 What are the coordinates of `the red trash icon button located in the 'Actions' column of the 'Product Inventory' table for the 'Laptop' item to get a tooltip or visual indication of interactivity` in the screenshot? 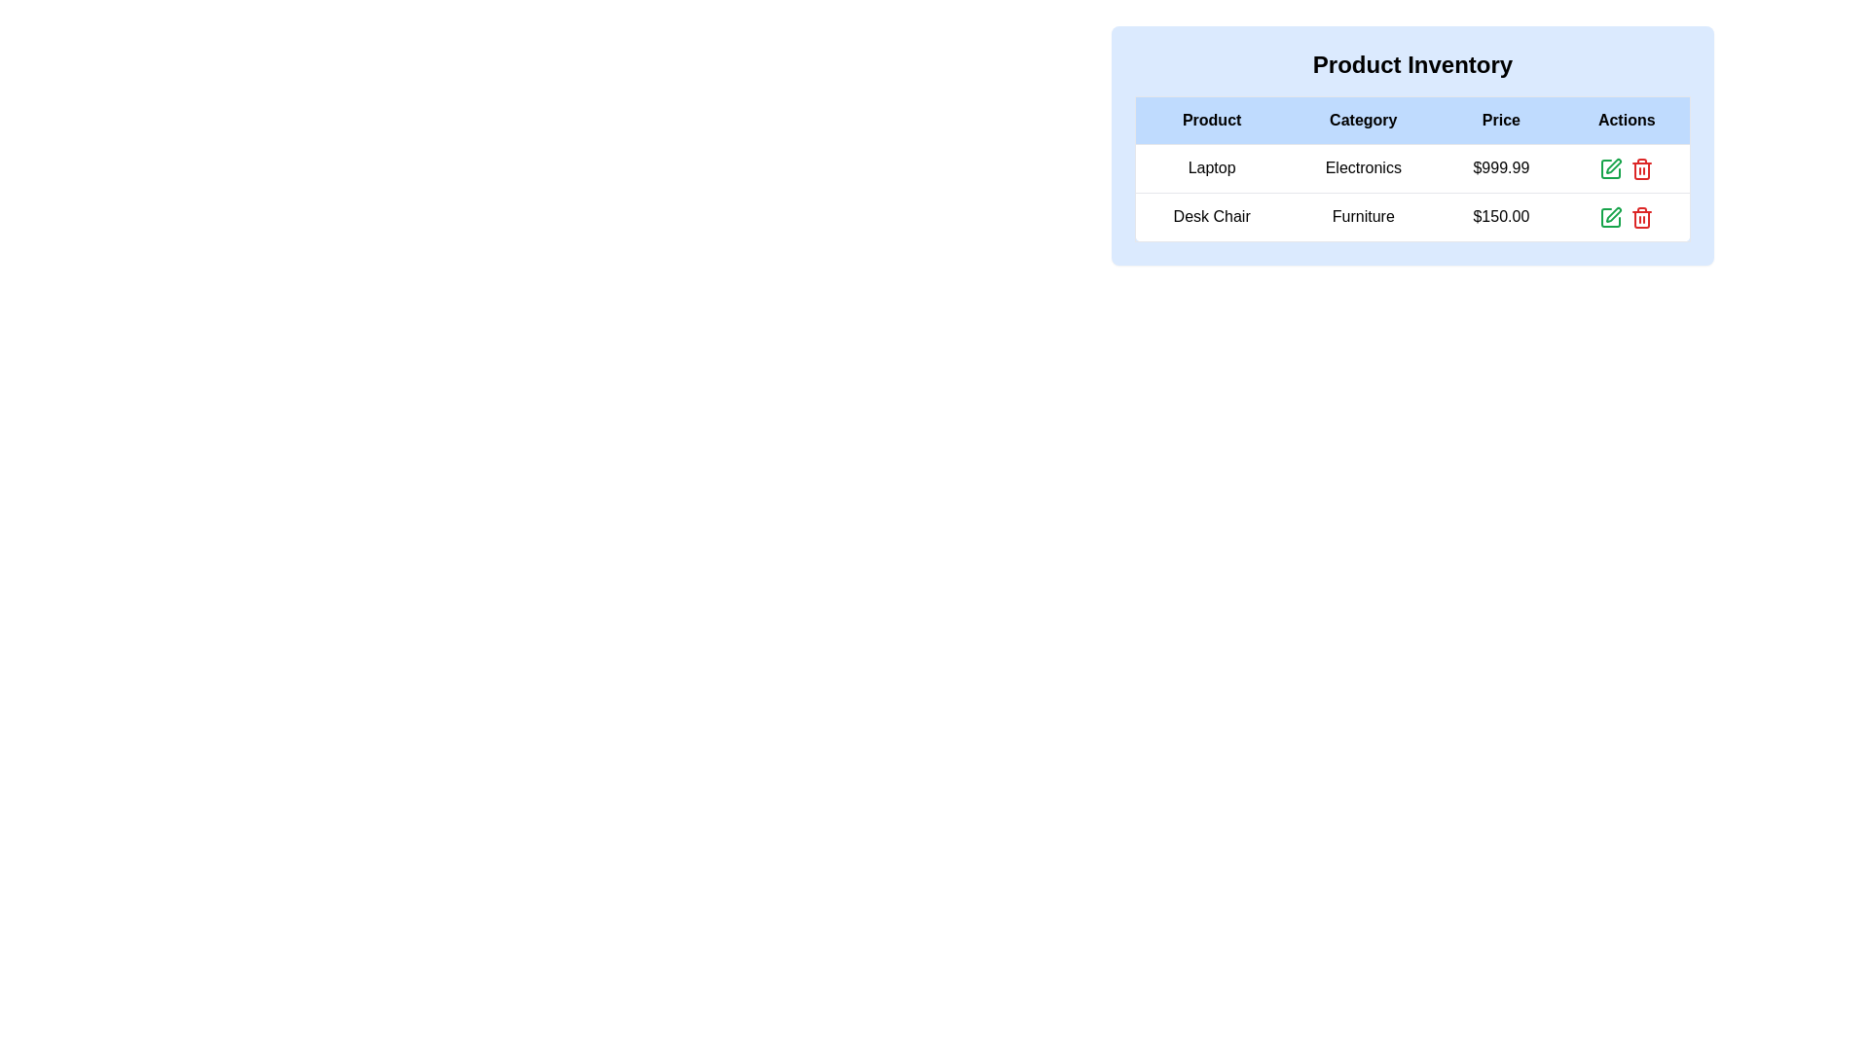 It's located at (1641, 167).